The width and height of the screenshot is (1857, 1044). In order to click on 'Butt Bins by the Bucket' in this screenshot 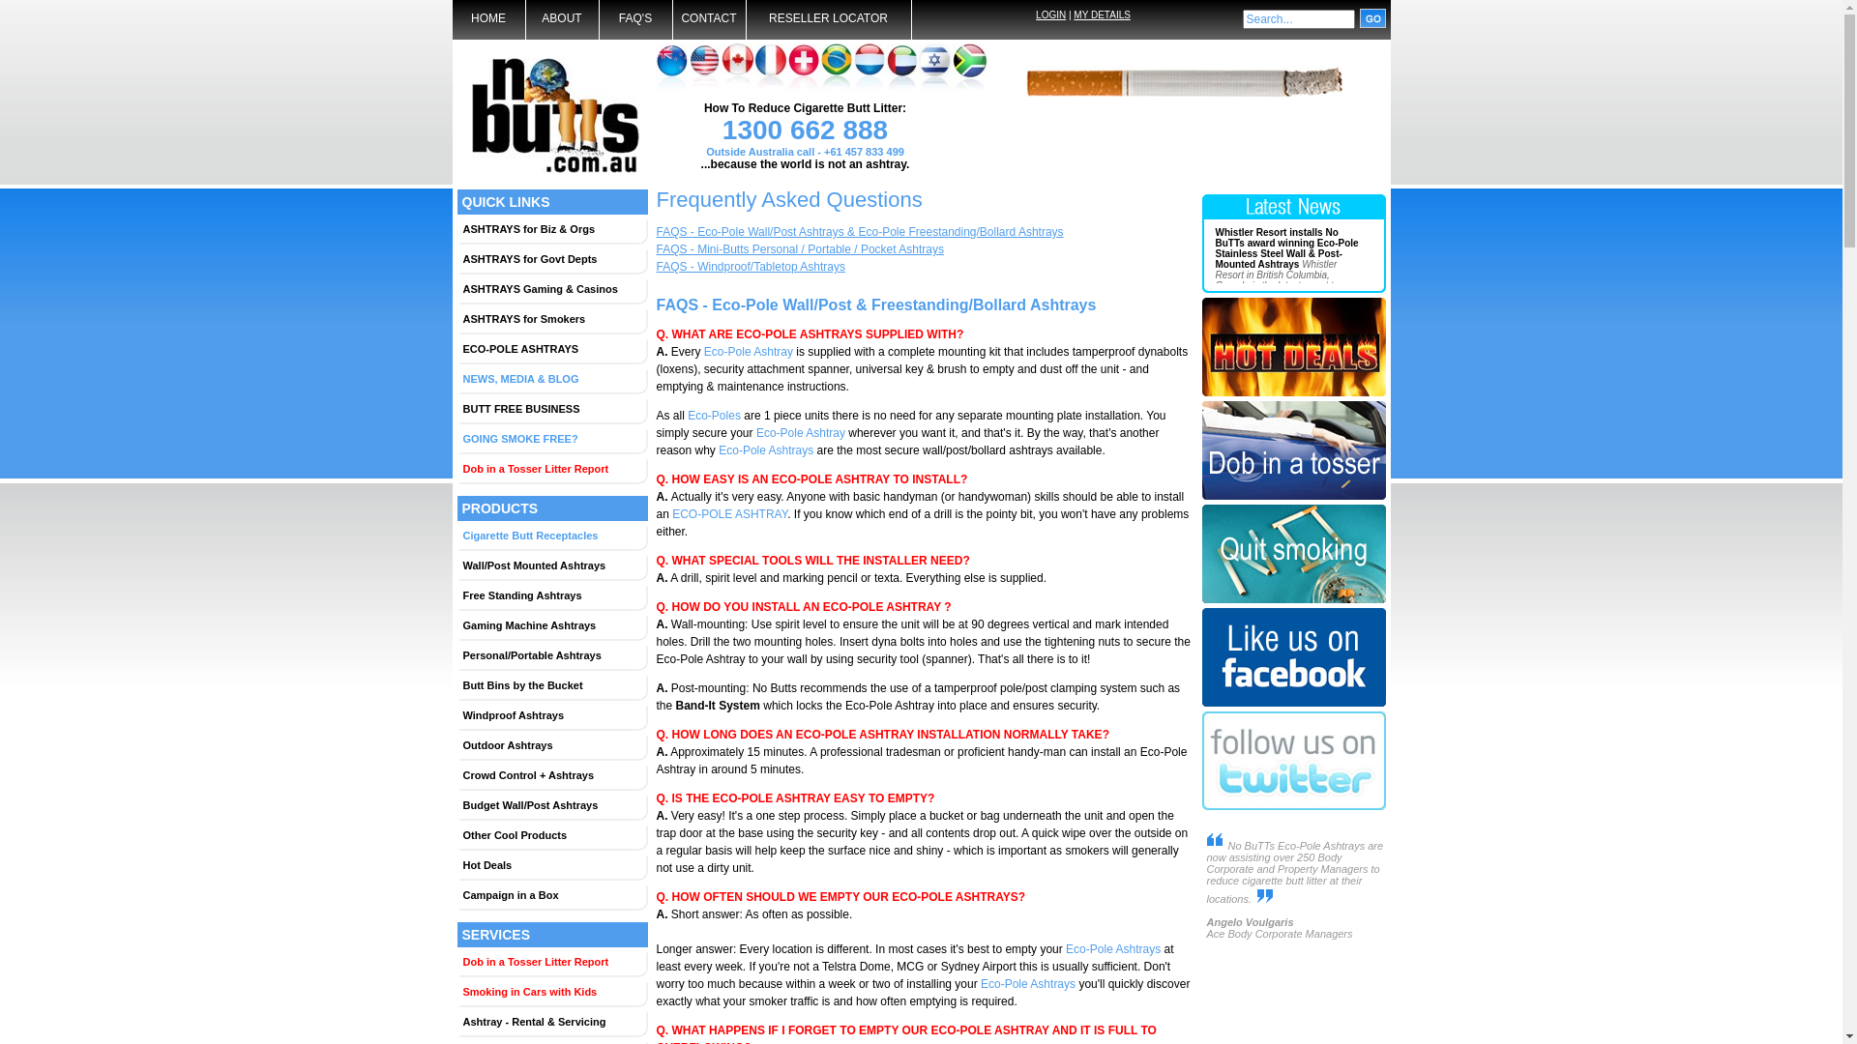, I will do `click(551, 684)`.